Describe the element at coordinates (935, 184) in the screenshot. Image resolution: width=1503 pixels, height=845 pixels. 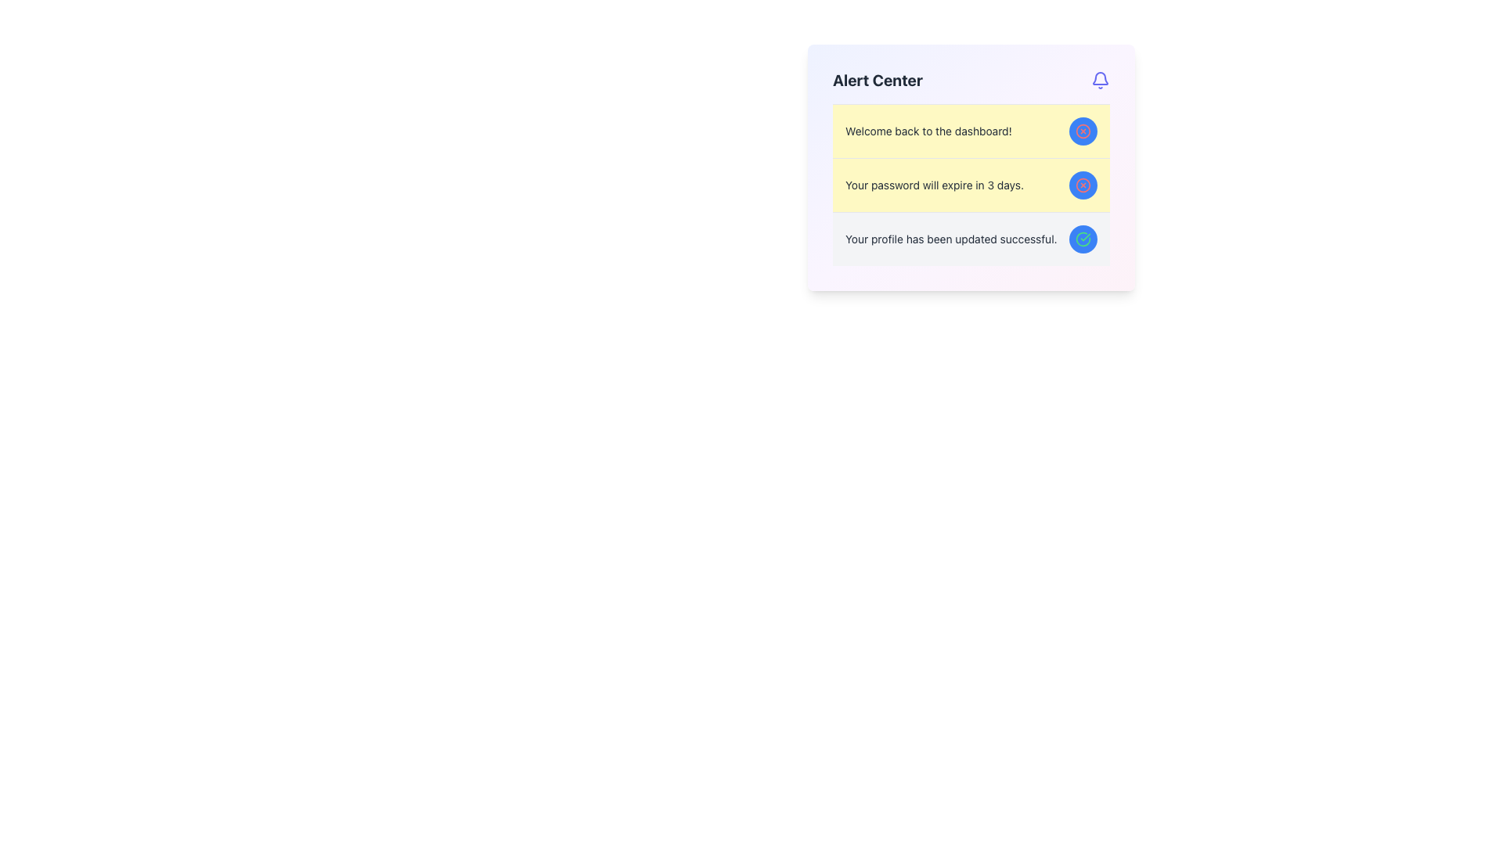
I see `the informational text label about password expiration, located within the light yellow notification box in the 'Alert Center' section` at that location.